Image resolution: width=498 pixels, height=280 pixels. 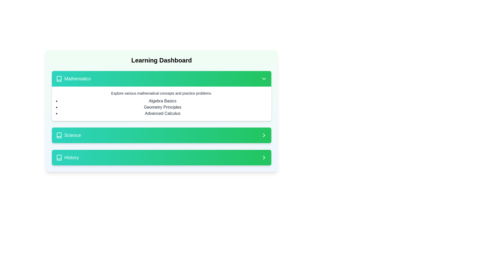 I want to click on the text block that contains the description 'Explore various mathematical concepts and practice problems.' by moving the cursor to its center point, so click(x=161, y=93).